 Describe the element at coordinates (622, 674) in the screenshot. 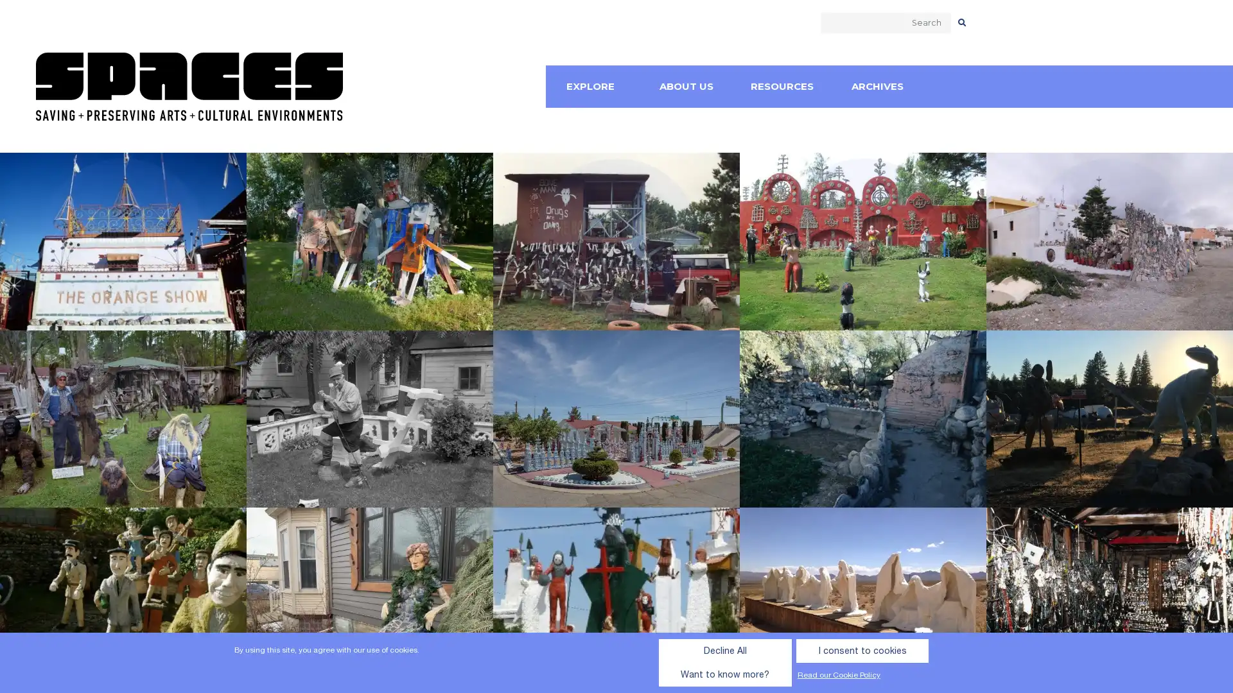

I see `Decline All` at that location.